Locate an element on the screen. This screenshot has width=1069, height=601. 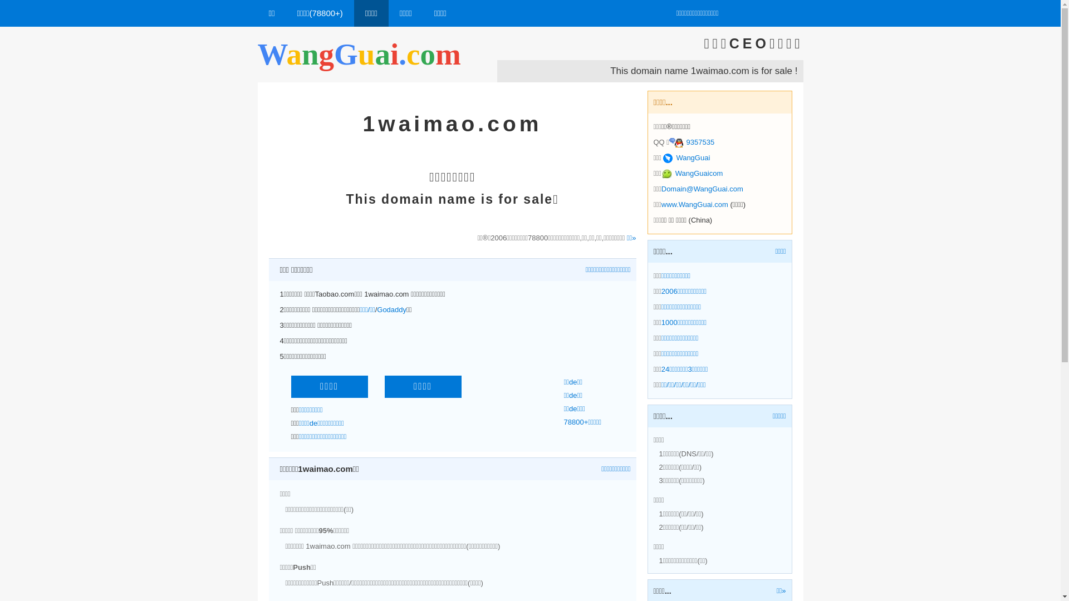
'Domain@WangGuai.com' is located at coordinates (702, 188).